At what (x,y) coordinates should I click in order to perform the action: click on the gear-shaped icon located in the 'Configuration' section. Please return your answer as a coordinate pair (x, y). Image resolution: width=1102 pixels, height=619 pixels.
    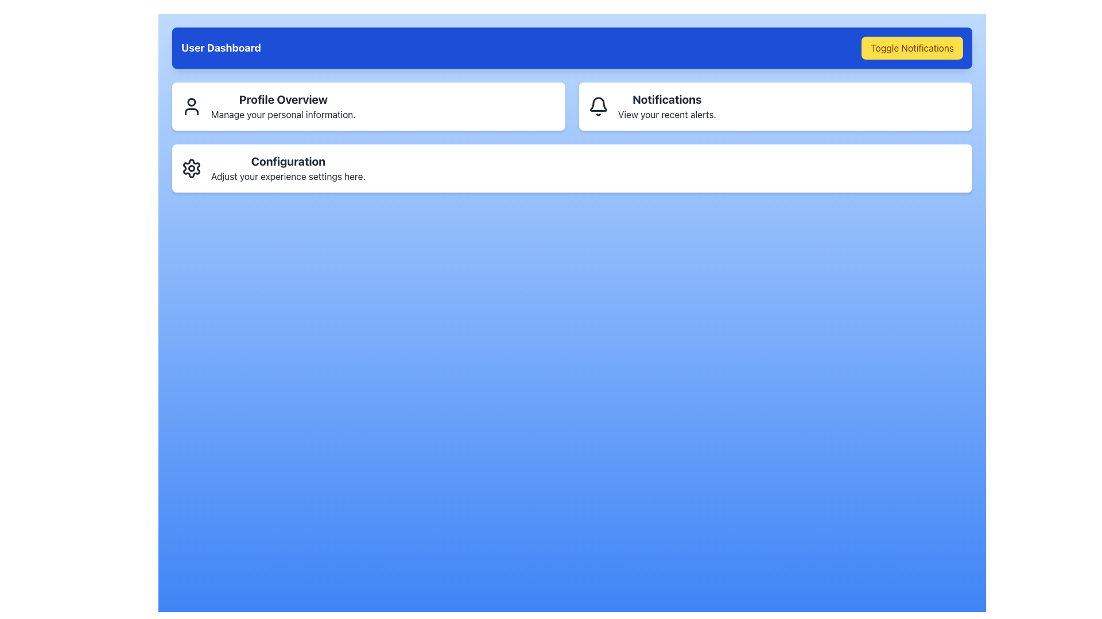
    Looking at the image, I should click on (192, 168).